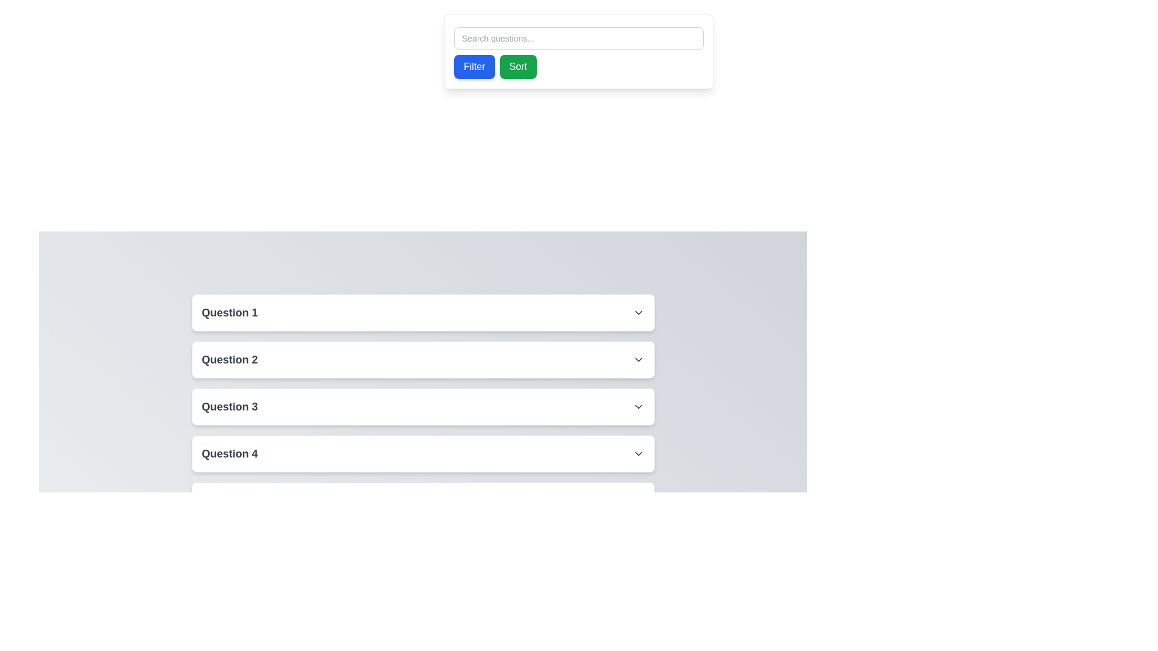  What do you see at coordinates (229, 453) in the screenshot?
I see `the Text label that identifies the fourth item in a vertical list, positioned below 'Question 3'` at bounding box center [229, 453].